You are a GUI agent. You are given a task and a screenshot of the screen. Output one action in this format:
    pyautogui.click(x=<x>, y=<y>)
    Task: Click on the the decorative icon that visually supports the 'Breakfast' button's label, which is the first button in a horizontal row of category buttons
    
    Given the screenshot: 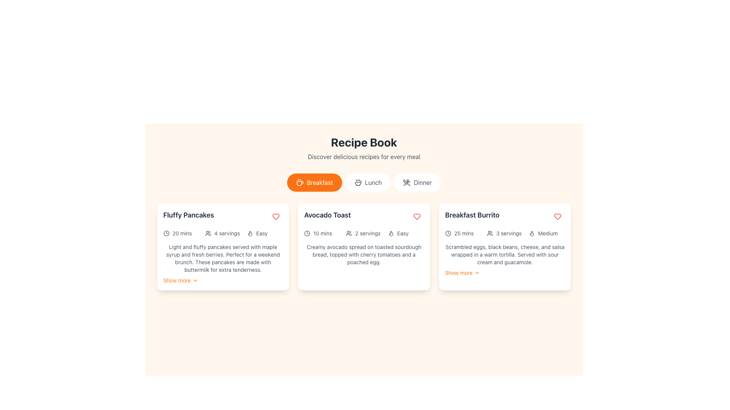 What is the action you would take?
    pyautogui.click(x=300, y=183)
    